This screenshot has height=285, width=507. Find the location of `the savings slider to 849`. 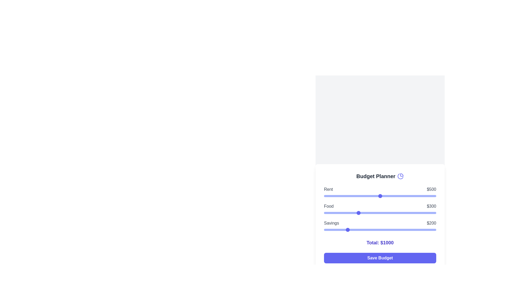

the savings slider to 849 is located at coordinates (419, 230).